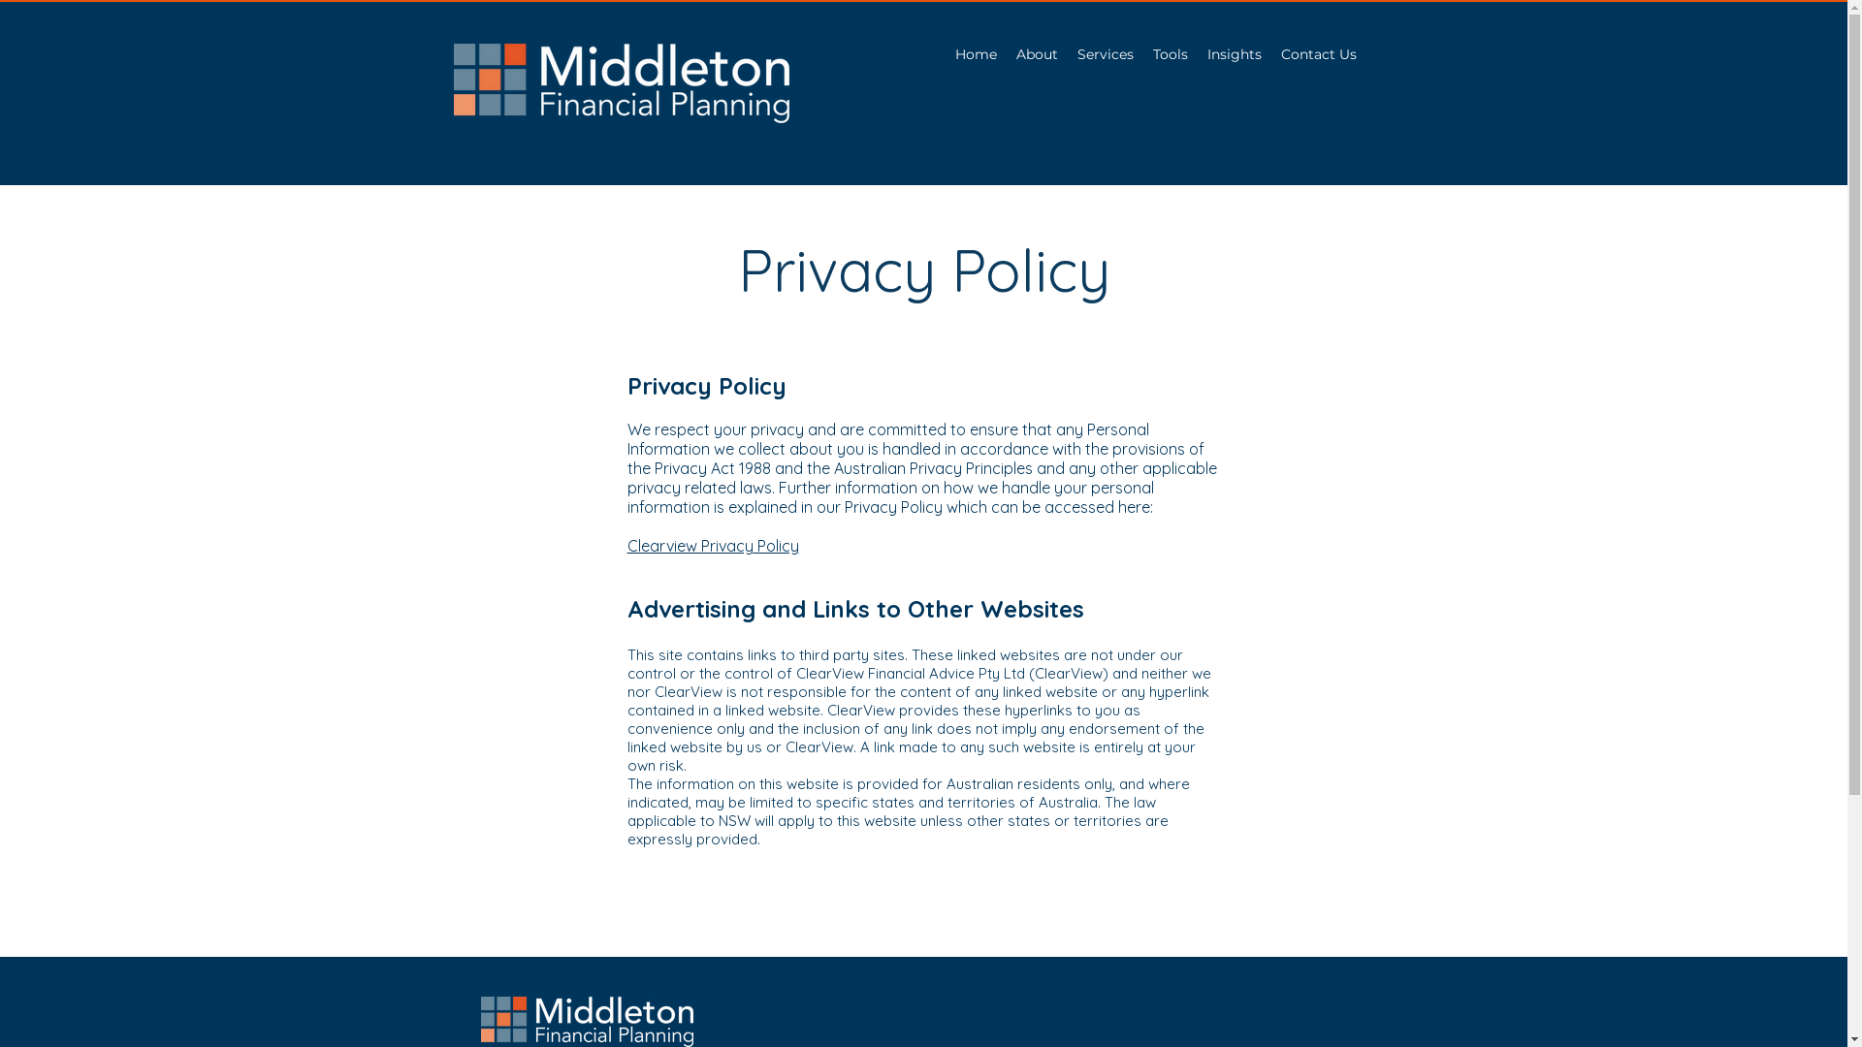  I want to click on 'About', so click(1006, 53).